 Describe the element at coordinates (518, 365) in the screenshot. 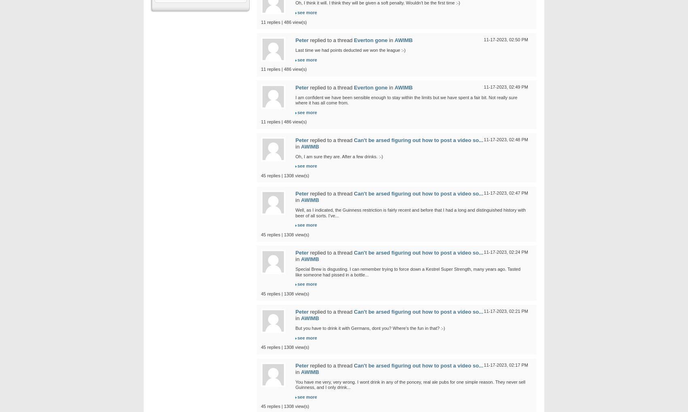

I see `'02:17 PM'` at that location.